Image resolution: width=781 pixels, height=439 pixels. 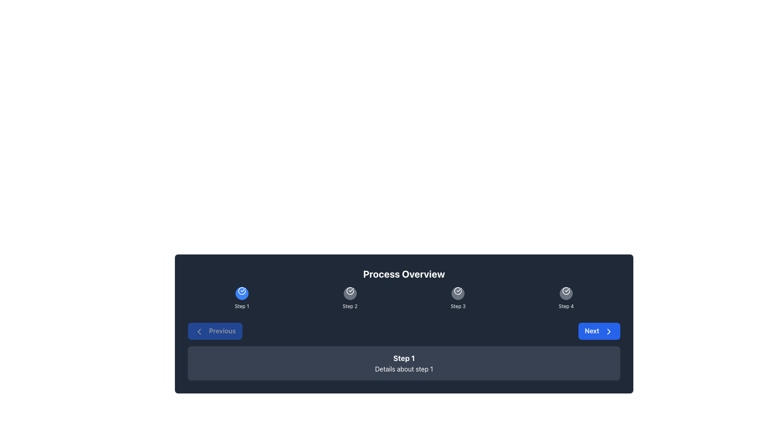 I want to click on the chevron icon styled as an arrow pointing right, which is located within the blue 'Next' button at the bottom-right corner of the interface, so click(x=609, y=331).